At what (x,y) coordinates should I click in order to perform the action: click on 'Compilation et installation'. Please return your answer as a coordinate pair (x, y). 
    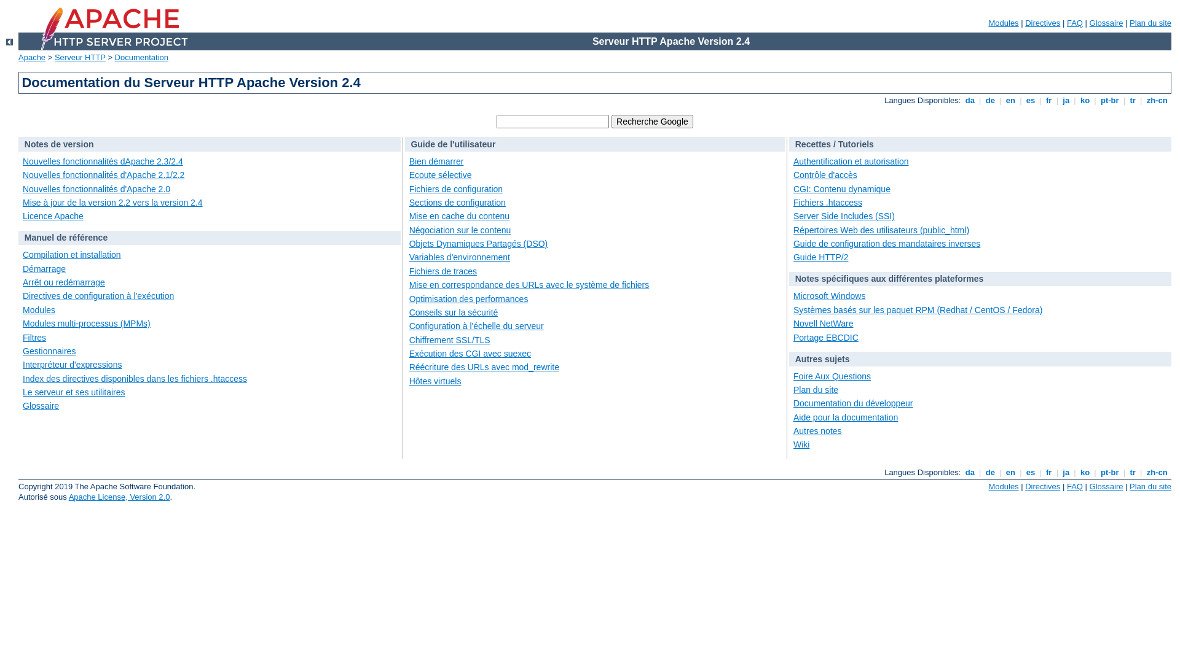
    Looking at the image, I should click on (71, 254).